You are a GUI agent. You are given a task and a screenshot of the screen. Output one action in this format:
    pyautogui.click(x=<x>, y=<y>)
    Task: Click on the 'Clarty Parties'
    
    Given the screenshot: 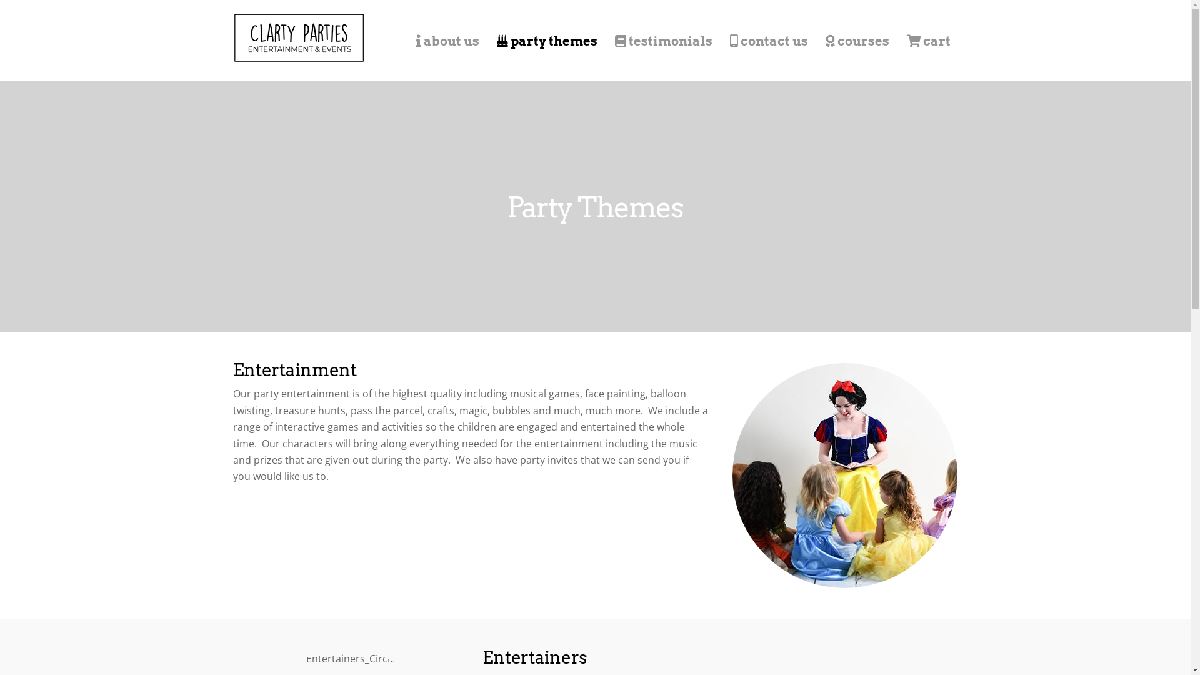 What is the action you would take?
    pyautogui.click(x=297, y=55)
    